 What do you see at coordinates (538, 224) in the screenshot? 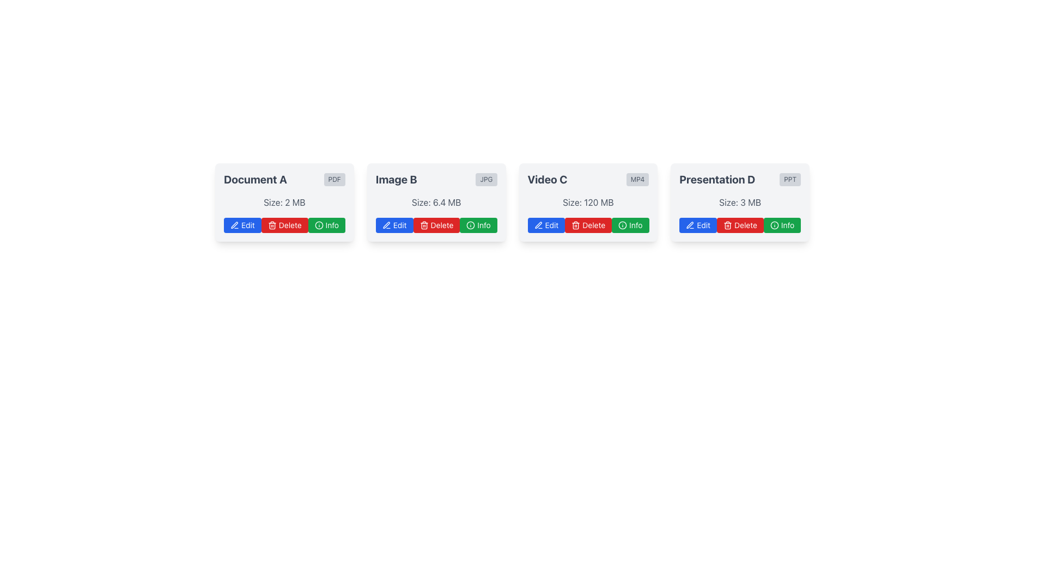
I see `the SVG icon resembling a pen within the blue button labeled 'Edit' for the entry 'Video C'` at bounding box center [538, 224].